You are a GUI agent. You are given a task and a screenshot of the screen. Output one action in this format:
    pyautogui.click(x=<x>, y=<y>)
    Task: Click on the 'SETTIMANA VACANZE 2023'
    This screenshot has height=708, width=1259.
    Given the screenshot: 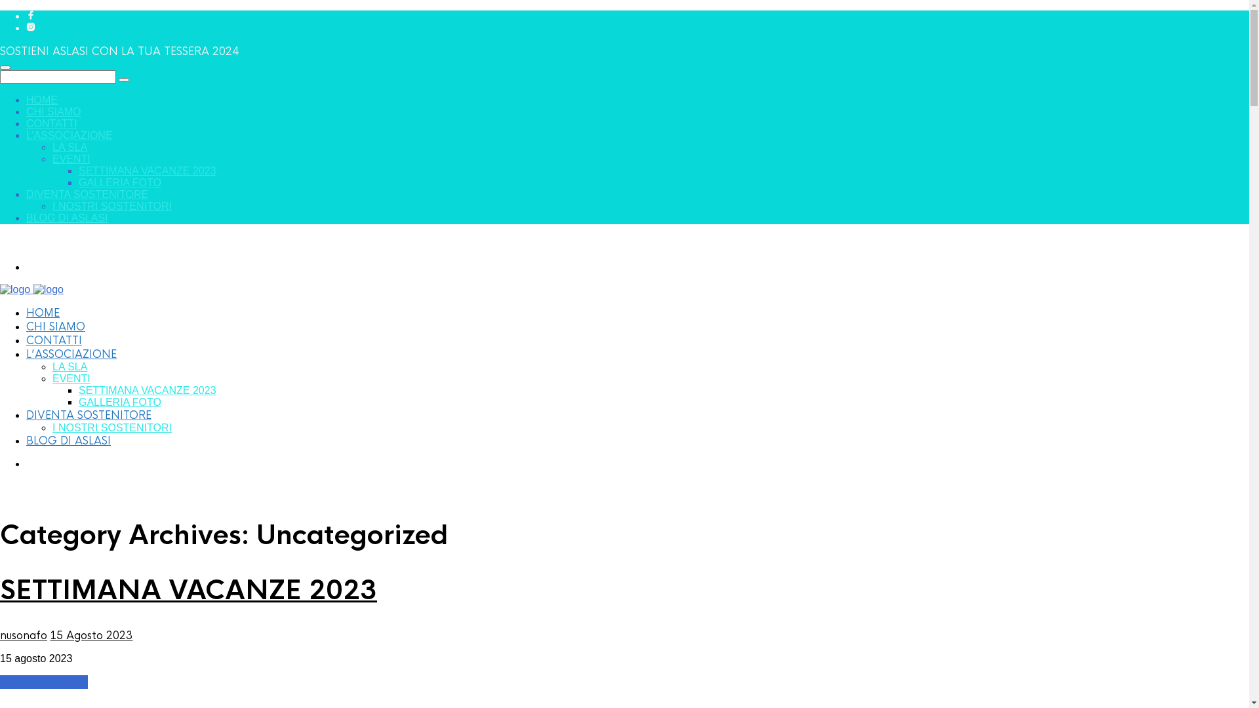 What is the action you would take?
    pyautogui.click(x=188, y=590)
    